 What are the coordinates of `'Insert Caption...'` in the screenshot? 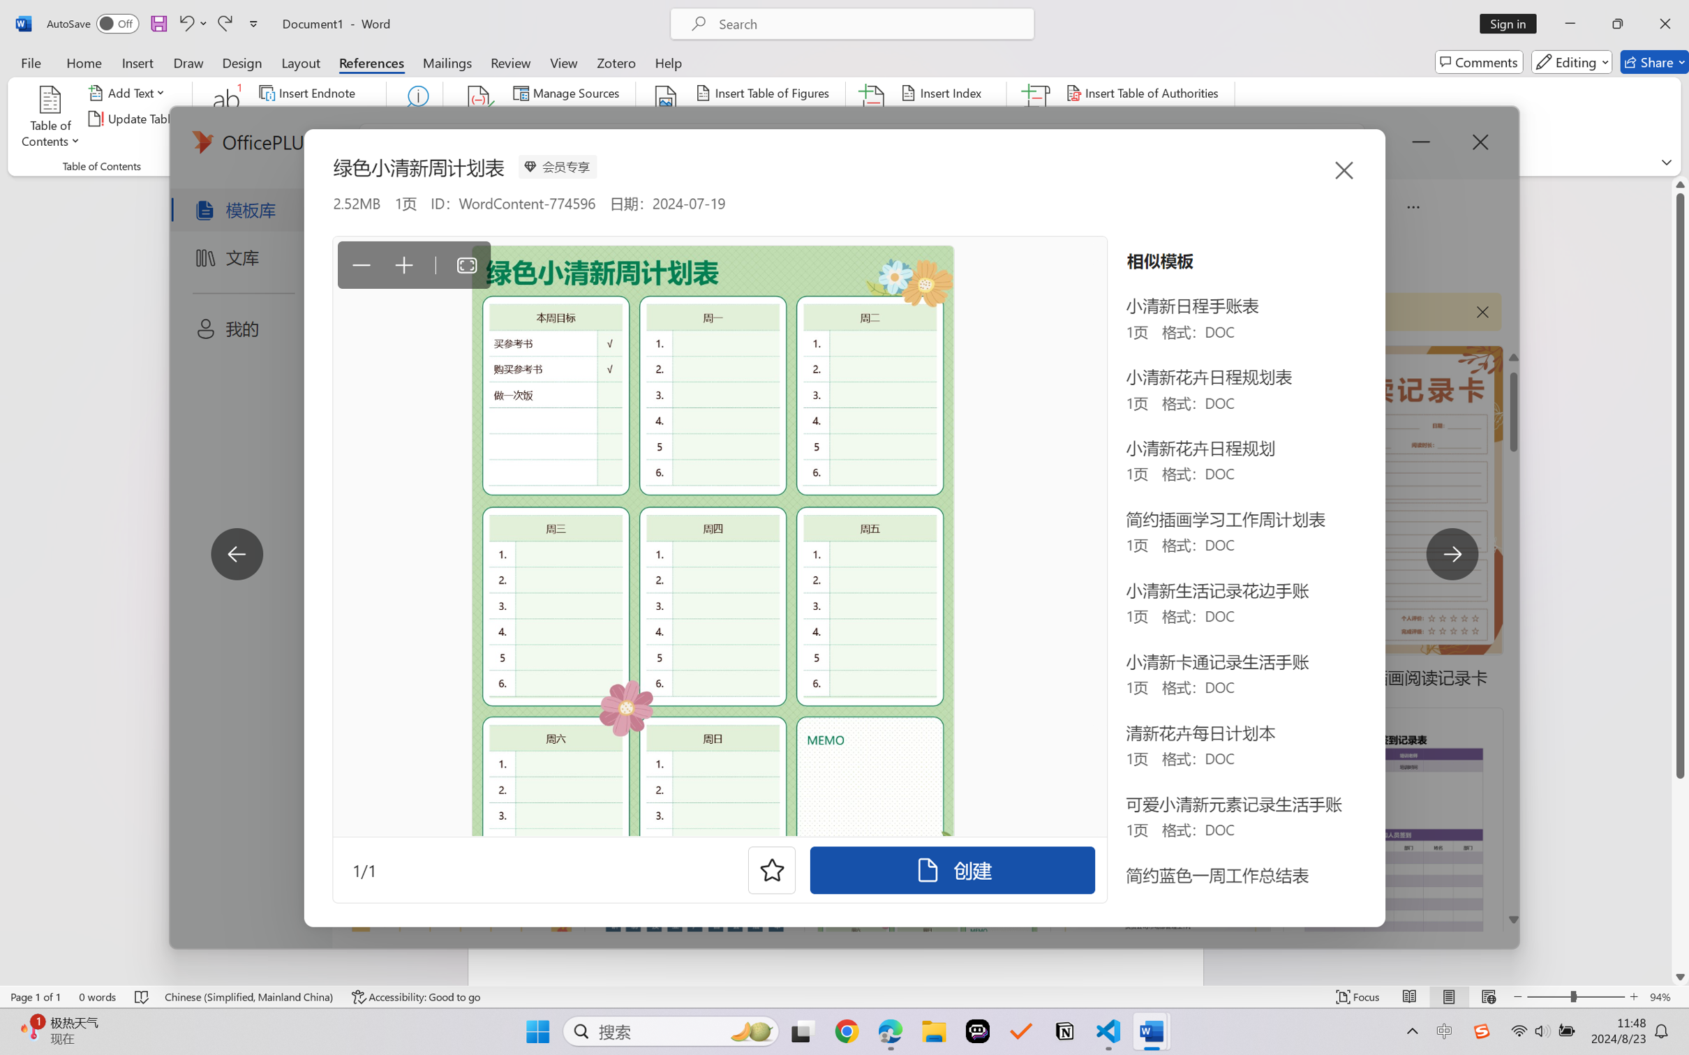 It's located at (666, 119).